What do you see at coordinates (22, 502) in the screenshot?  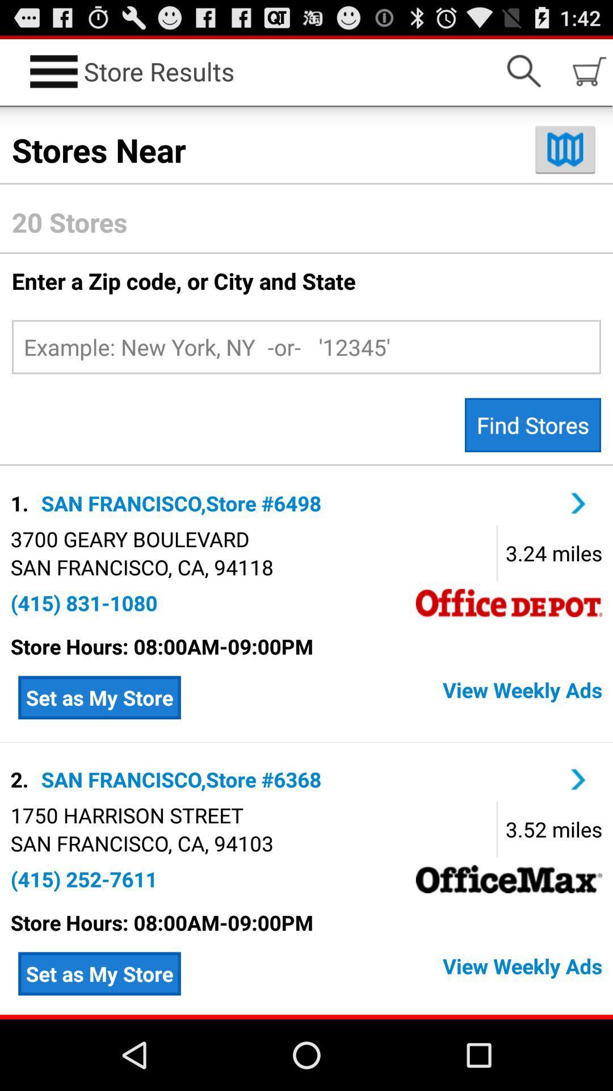 I see `1.  icon` at bounding box center [22, 502].